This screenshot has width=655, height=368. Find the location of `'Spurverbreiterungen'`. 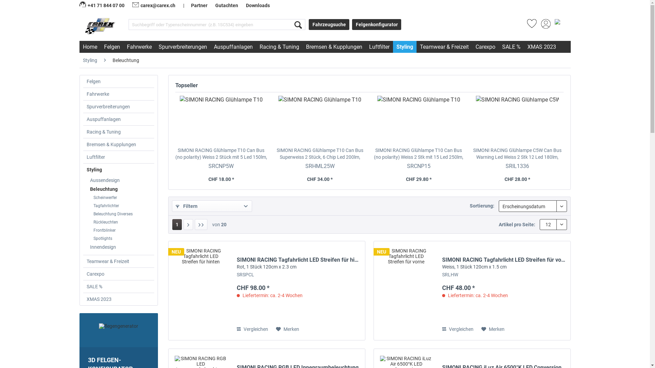

'Spurverbreiterungen' is located at coordinates (155, 46).